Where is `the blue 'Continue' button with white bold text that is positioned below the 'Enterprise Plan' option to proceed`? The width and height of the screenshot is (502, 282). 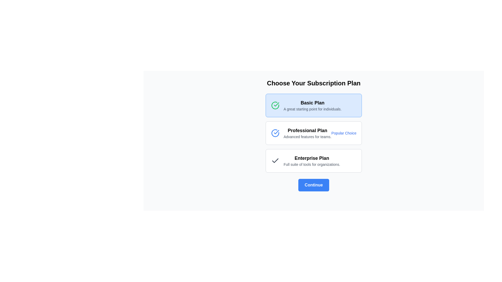 the blue 'Continue' button with white bold text that is positioned below the 'Enterprise Plan' option to proceed is located at coordinates (314, 185).